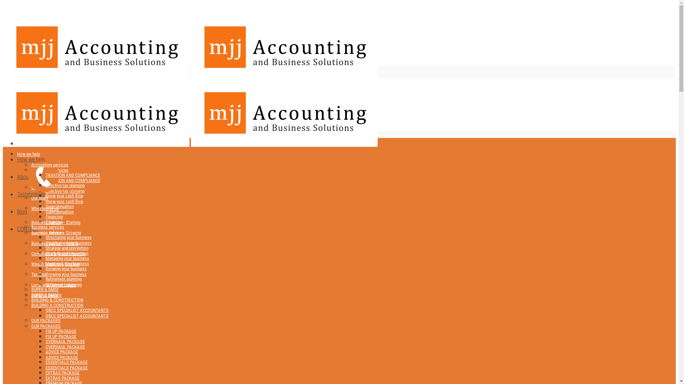 The height and width of the screenshot is (384, 684). Describe the element at coordinates (49, 170) in the screenshot. I see `'Accounting services'` at that location.